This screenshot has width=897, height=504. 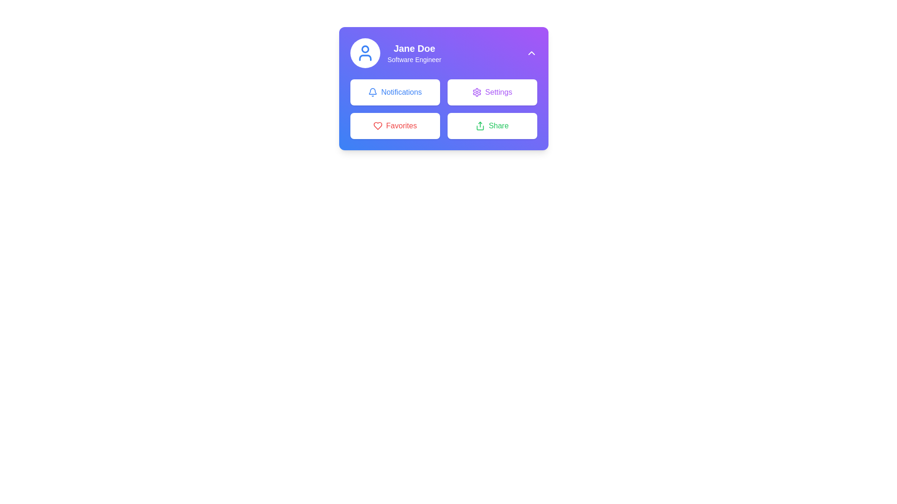 What do you see at coordinates (531, 53) in the screenshot?
I see `the chevron icon located in the top-right corner above the user profile information` at bounding box center [531, 53].